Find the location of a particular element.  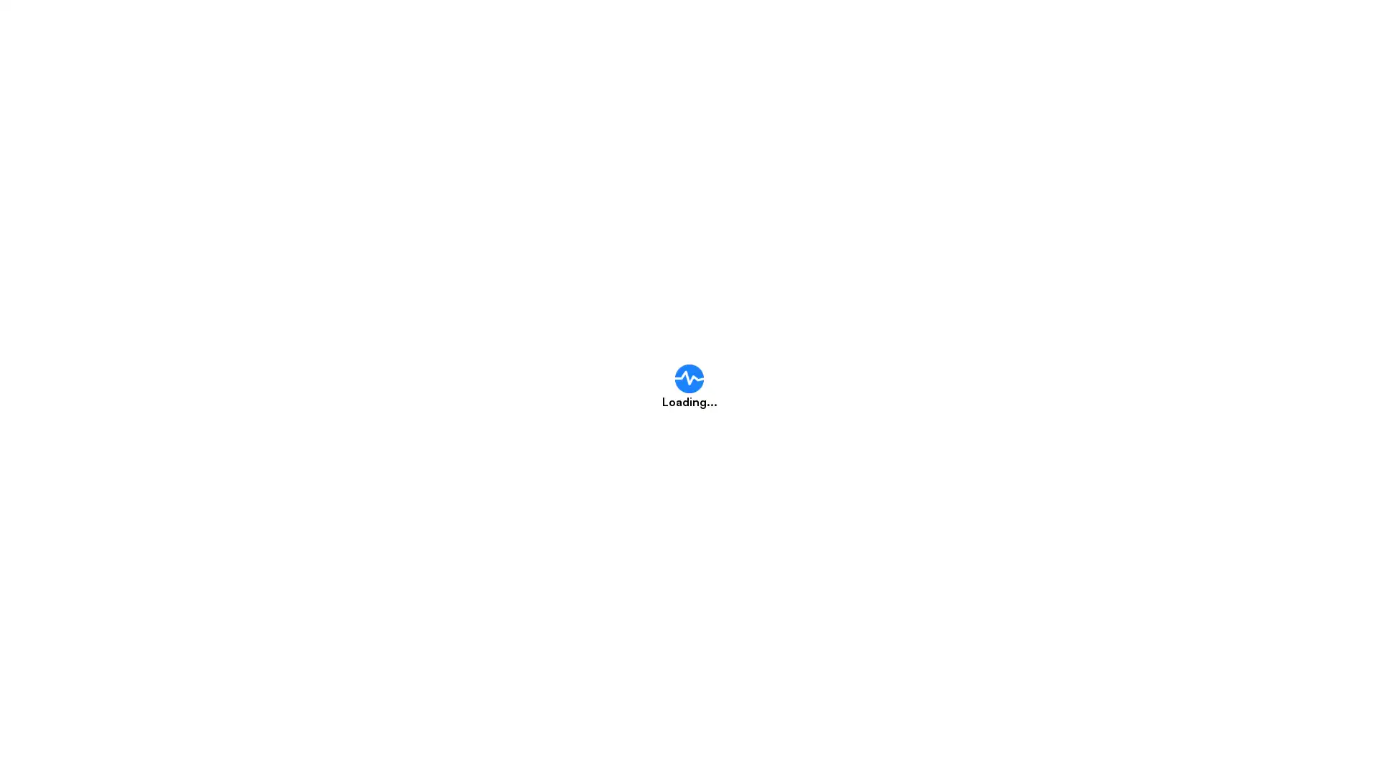

For Business is located at coordinates (978, 28).